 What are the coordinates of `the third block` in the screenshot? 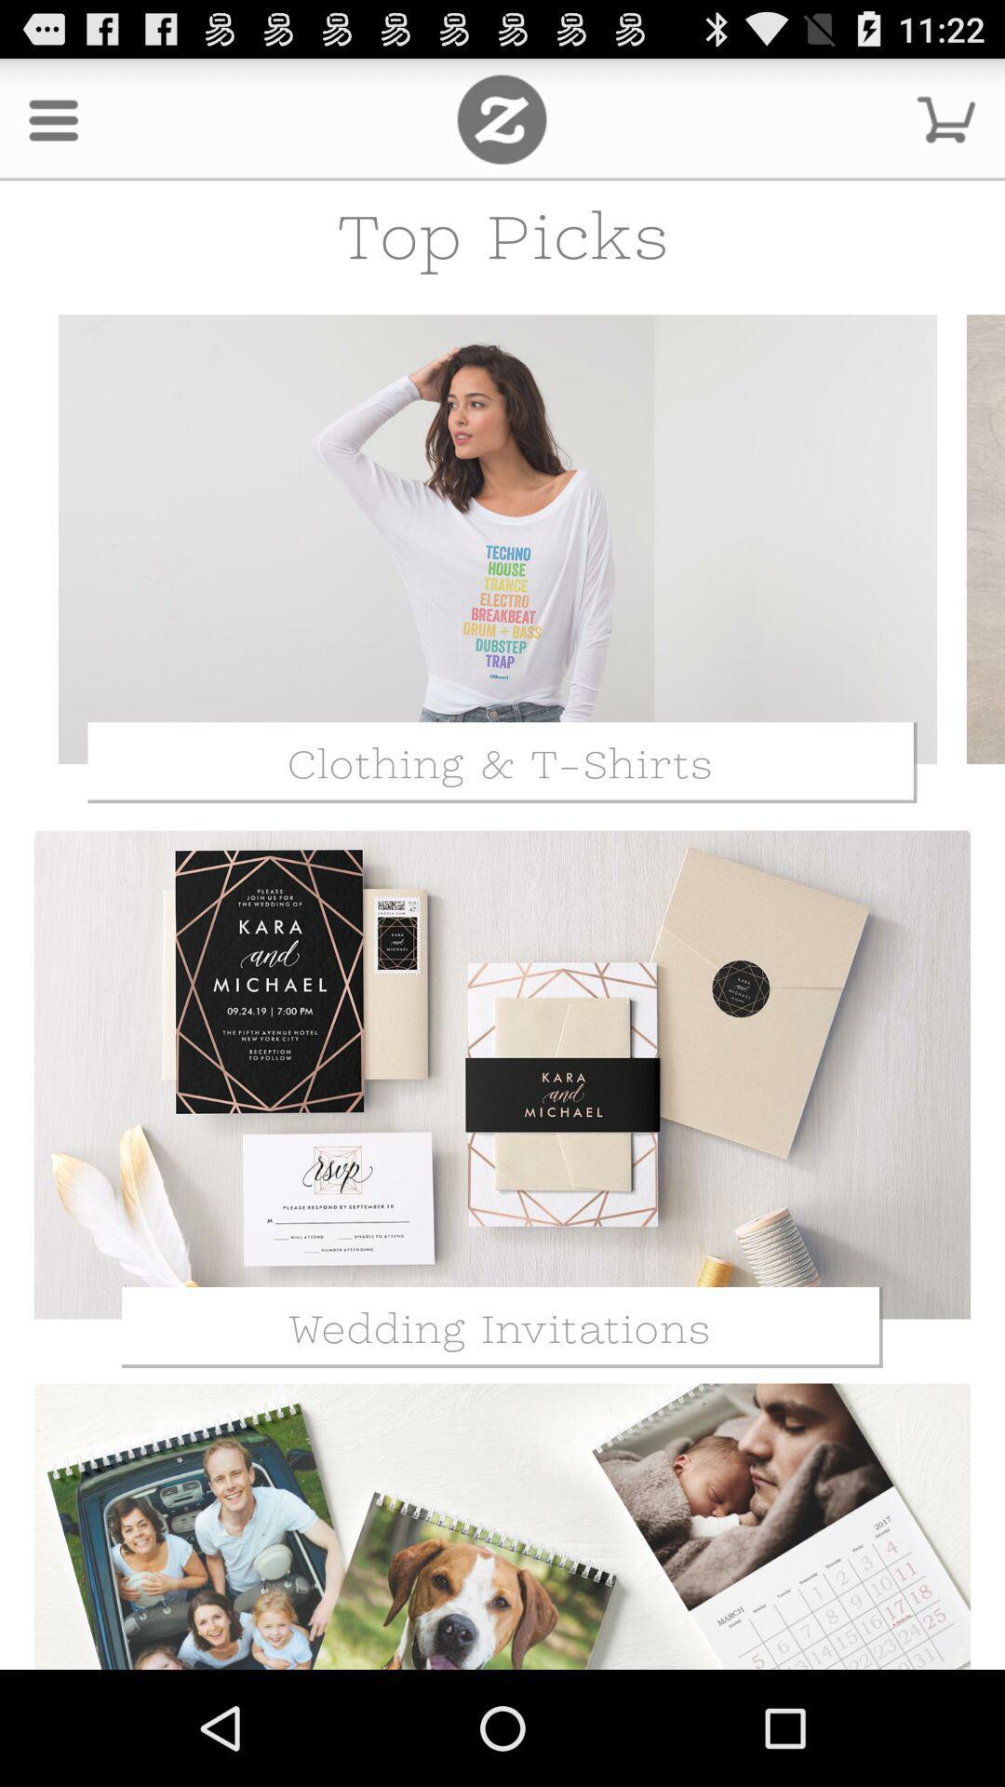 It's located at (502, 1523).